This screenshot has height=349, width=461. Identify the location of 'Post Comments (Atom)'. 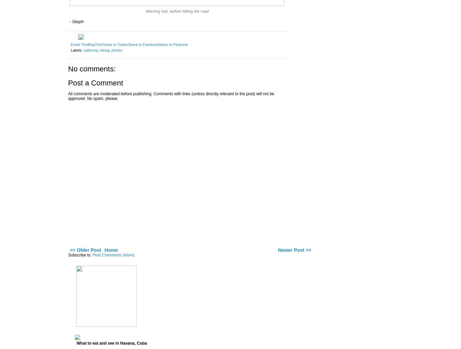
(113, 255).